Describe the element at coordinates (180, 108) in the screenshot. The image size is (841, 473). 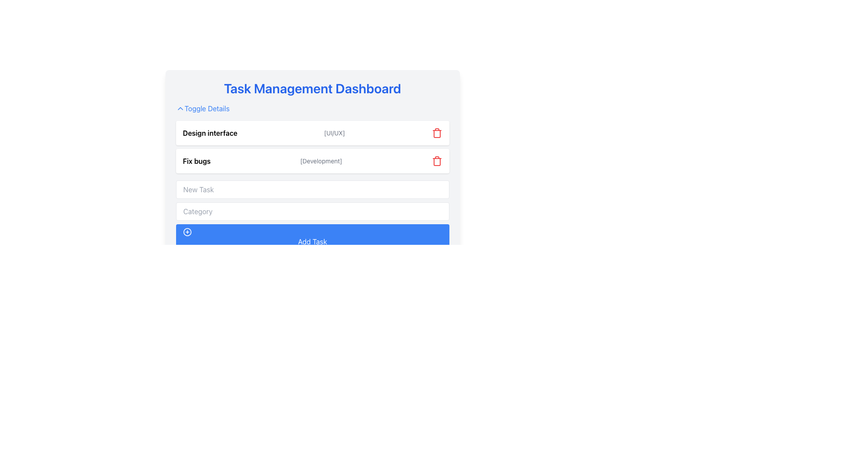
I see `the icon that serves as an indicator for collapsing or expanding the 'Toggle Details' section, located to the left of the 'Toggle Details' text` at that location.